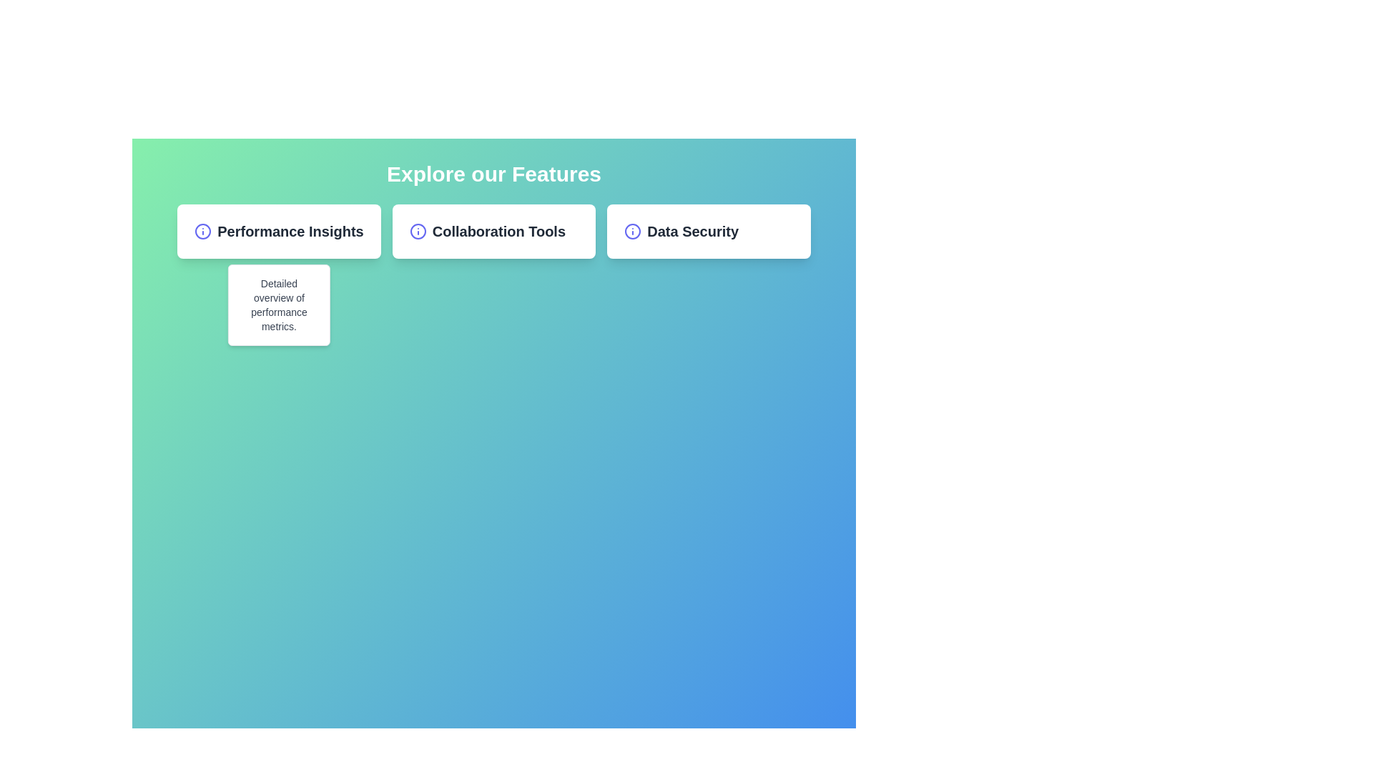 The height and width of the screenshot is (772, 1373). I want to click on the descriptive Text Label positioned centrally below the 'Performance Insights' button to enhance user understanding of its purpose, so click(279, 305).